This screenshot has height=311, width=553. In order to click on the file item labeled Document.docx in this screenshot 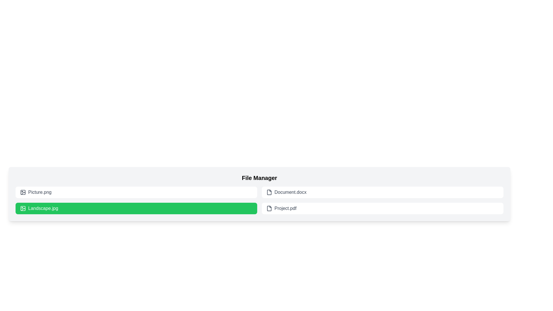, I will do `click(382, 192)`.